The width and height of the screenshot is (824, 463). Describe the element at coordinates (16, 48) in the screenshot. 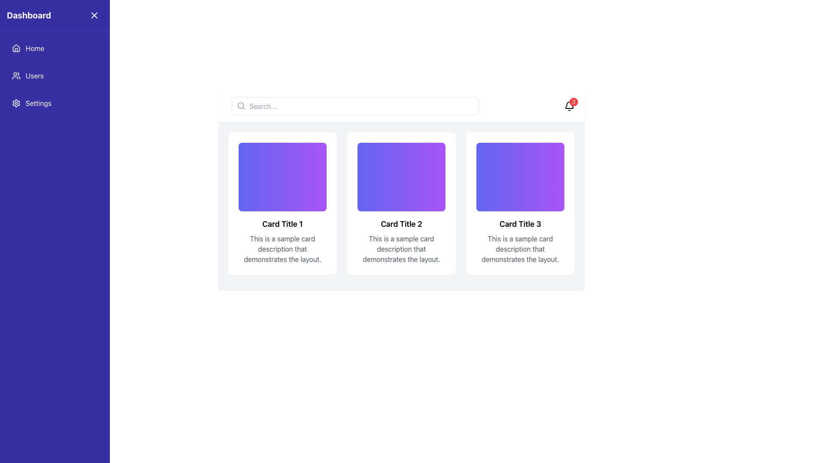

I see `the main body of the house icon located in the sidebar to the left of the 'Home' text` at that location.